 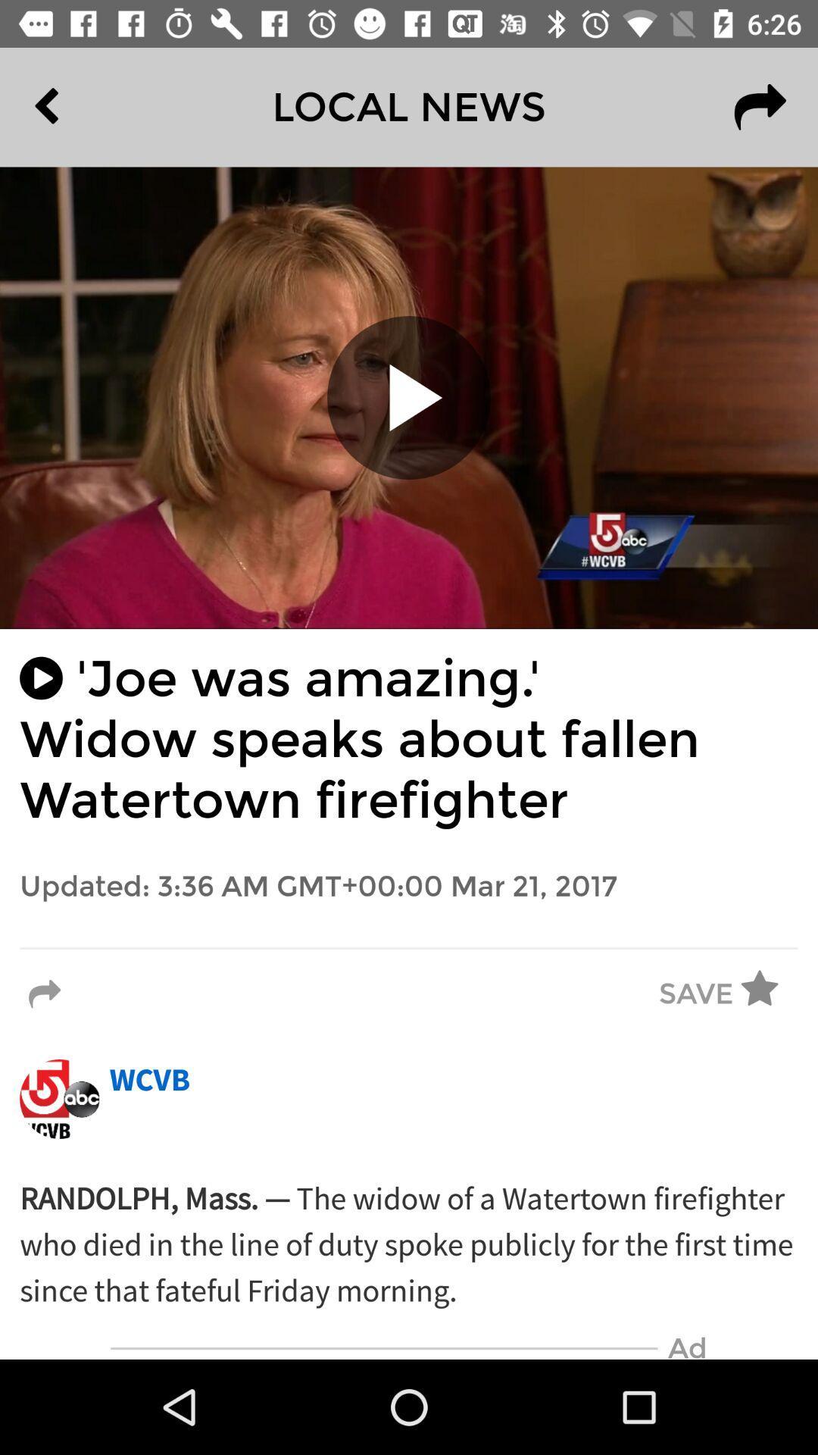 I want to click on the updated 3 36 item, so click(x=409, y=887).